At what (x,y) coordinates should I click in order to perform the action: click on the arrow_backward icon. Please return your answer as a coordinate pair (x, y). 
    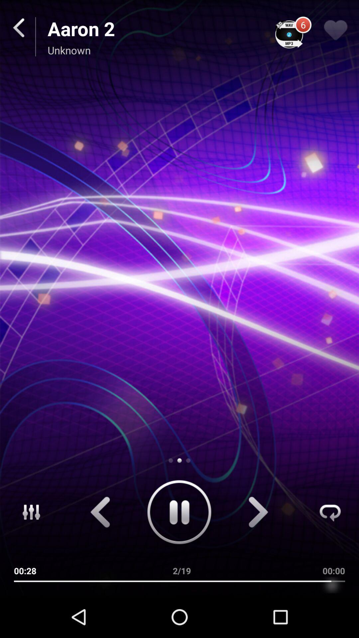
    Looking at the image, I should click on (100, 550).